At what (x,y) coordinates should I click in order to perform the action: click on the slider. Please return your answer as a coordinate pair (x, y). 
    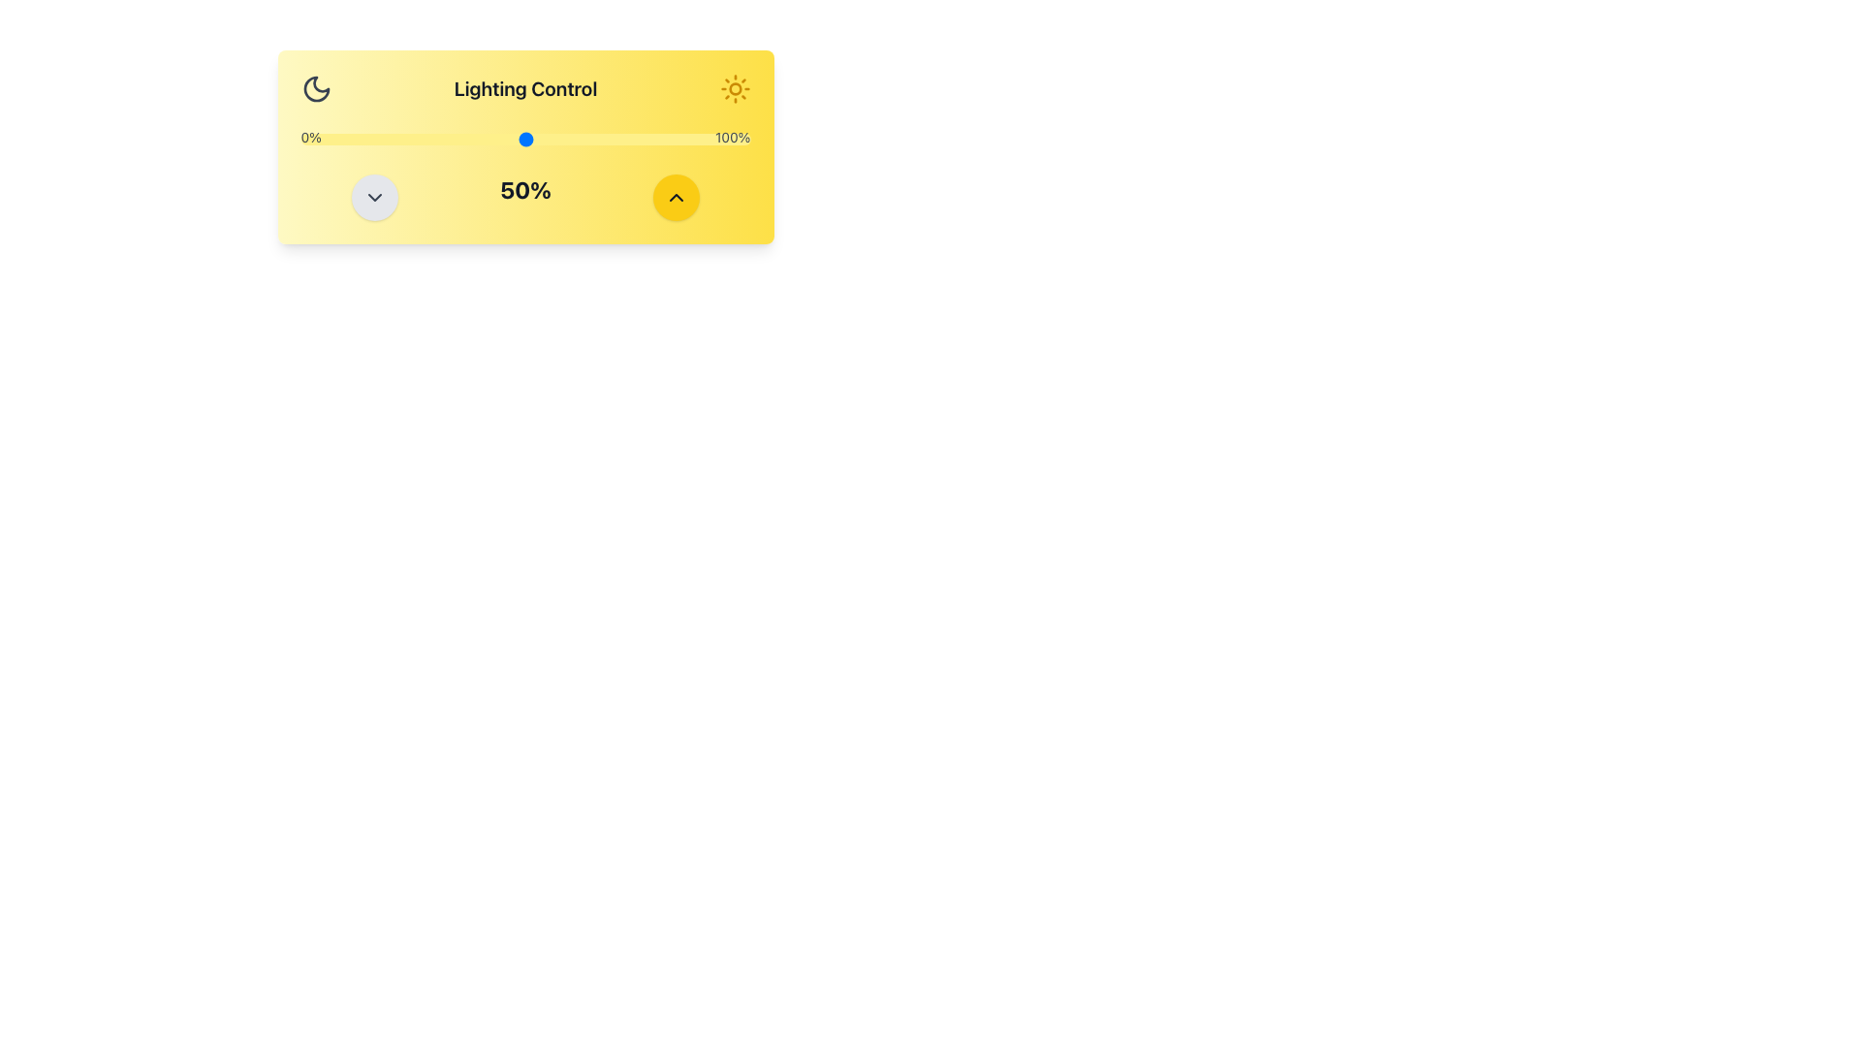
    Looking at the image, I should click on (493, 138).